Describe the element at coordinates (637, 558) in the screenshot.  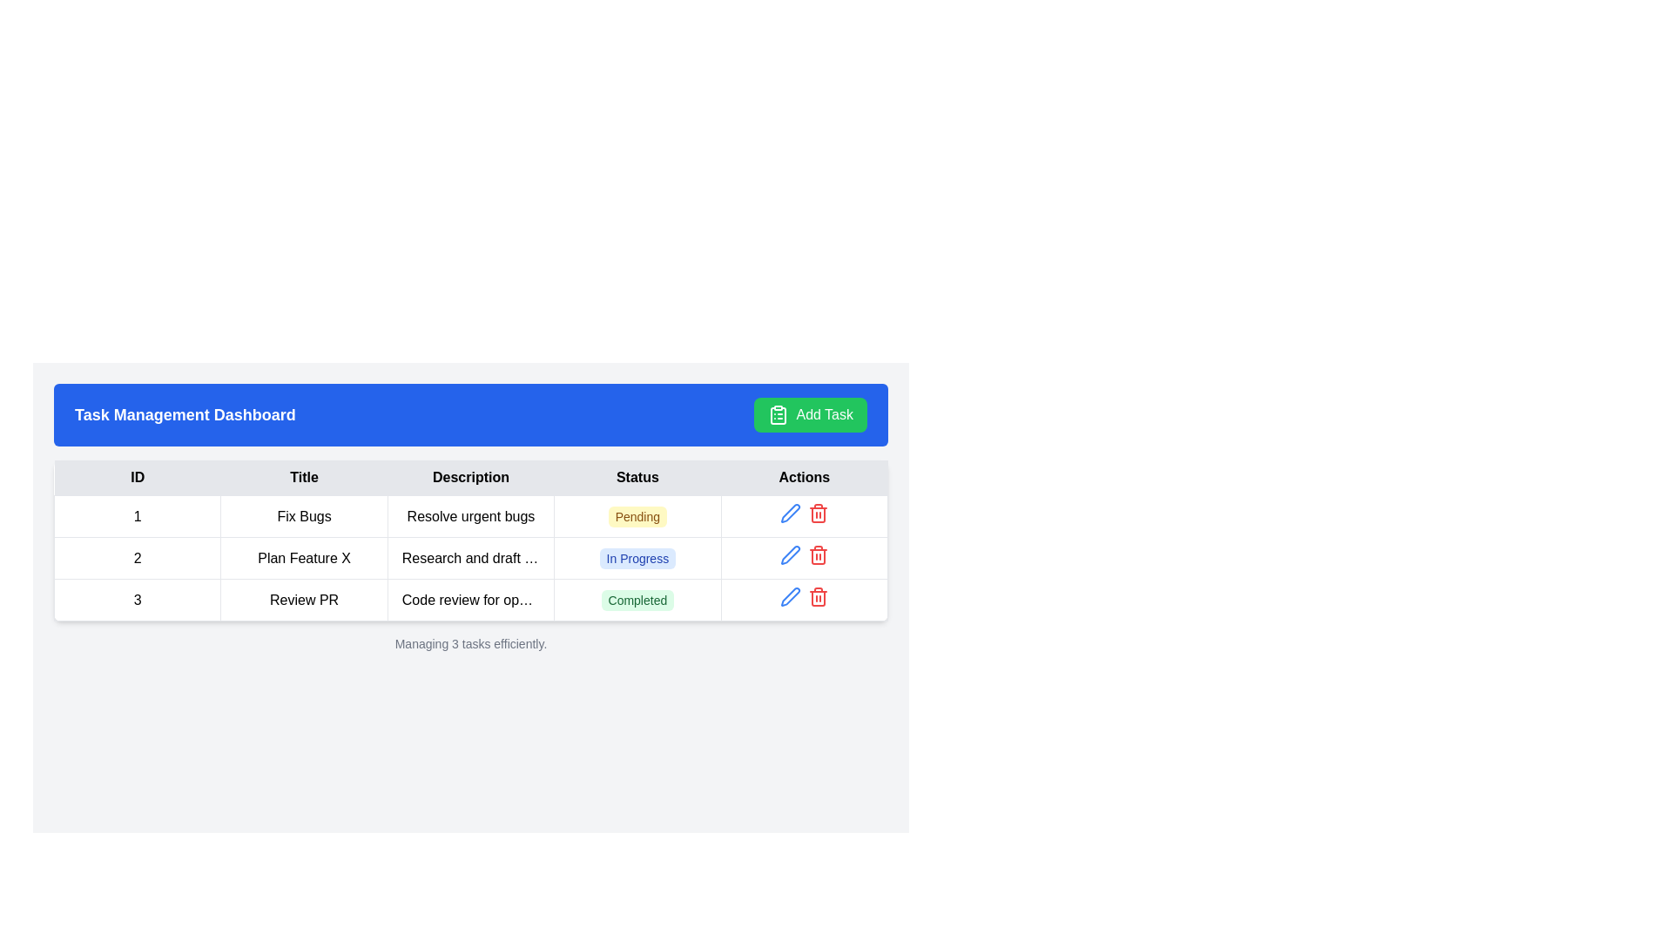
I see `the 'In Progress' status indicator for the task 'Plan Feature X' located in the 'Status' column of the task management table` at that location.